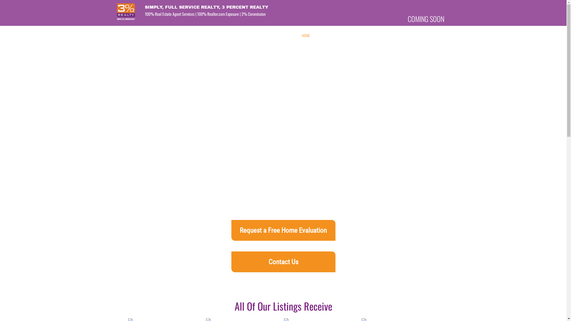  What do you see at coordinates (313, 35) in the screenshot?
I see `'ABOUT US'` at bounding box center [313, 35].